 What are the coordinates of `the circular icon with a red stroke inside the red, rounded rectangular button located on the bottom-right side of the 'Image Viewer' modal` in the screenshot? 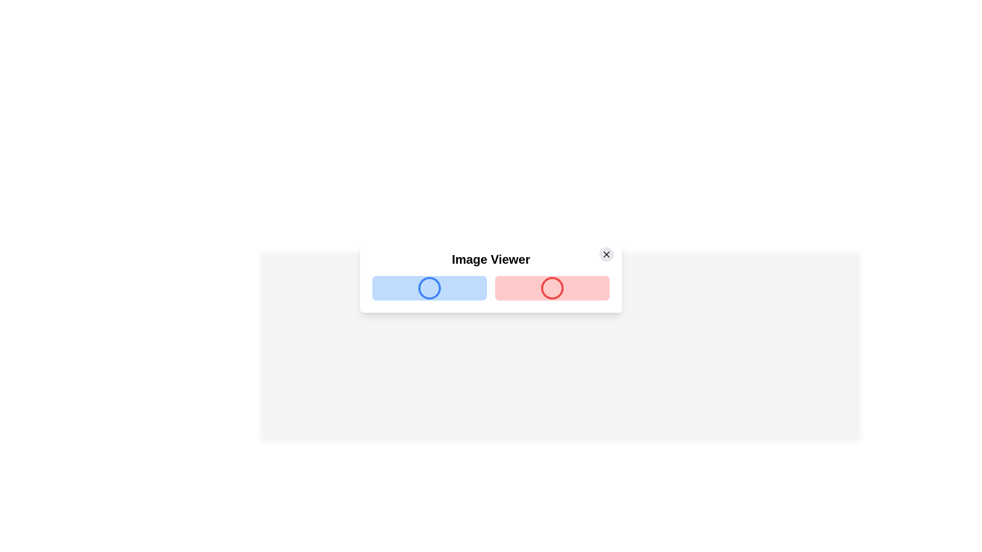 It's located at (552, 288).